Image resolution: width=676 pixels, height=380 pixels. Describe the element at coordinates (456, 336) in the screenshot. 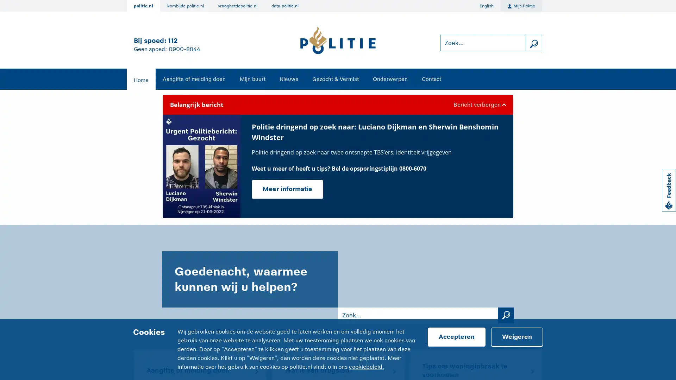

I see `Accepteren` at that location.